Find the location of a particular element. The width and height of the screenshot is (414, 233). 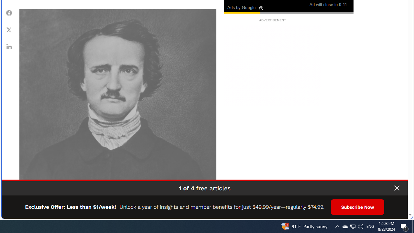

'Portrait of Edgar Allan Poe.' is located at coordinates (118, 107).